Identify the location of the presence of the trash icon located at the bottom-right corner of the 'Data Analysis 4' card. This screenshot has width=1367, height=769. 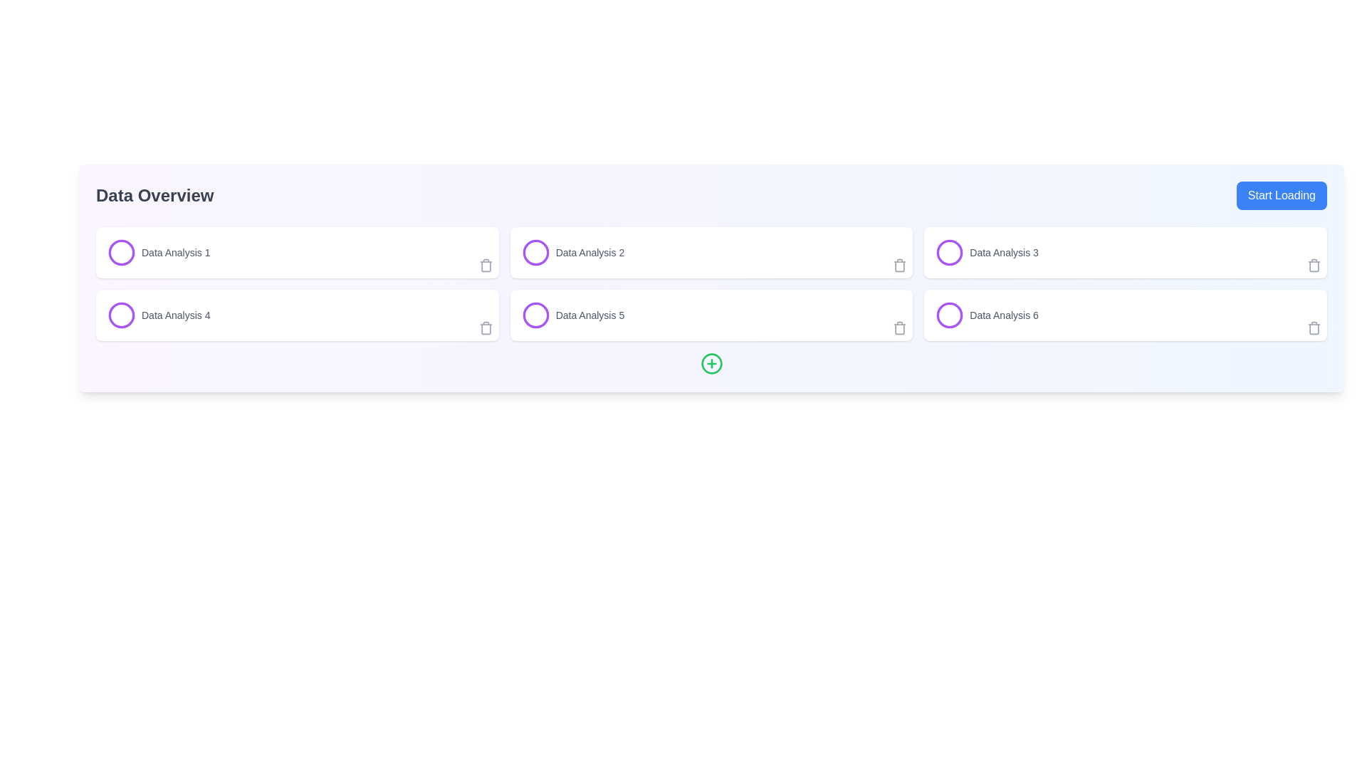
(486, 329).